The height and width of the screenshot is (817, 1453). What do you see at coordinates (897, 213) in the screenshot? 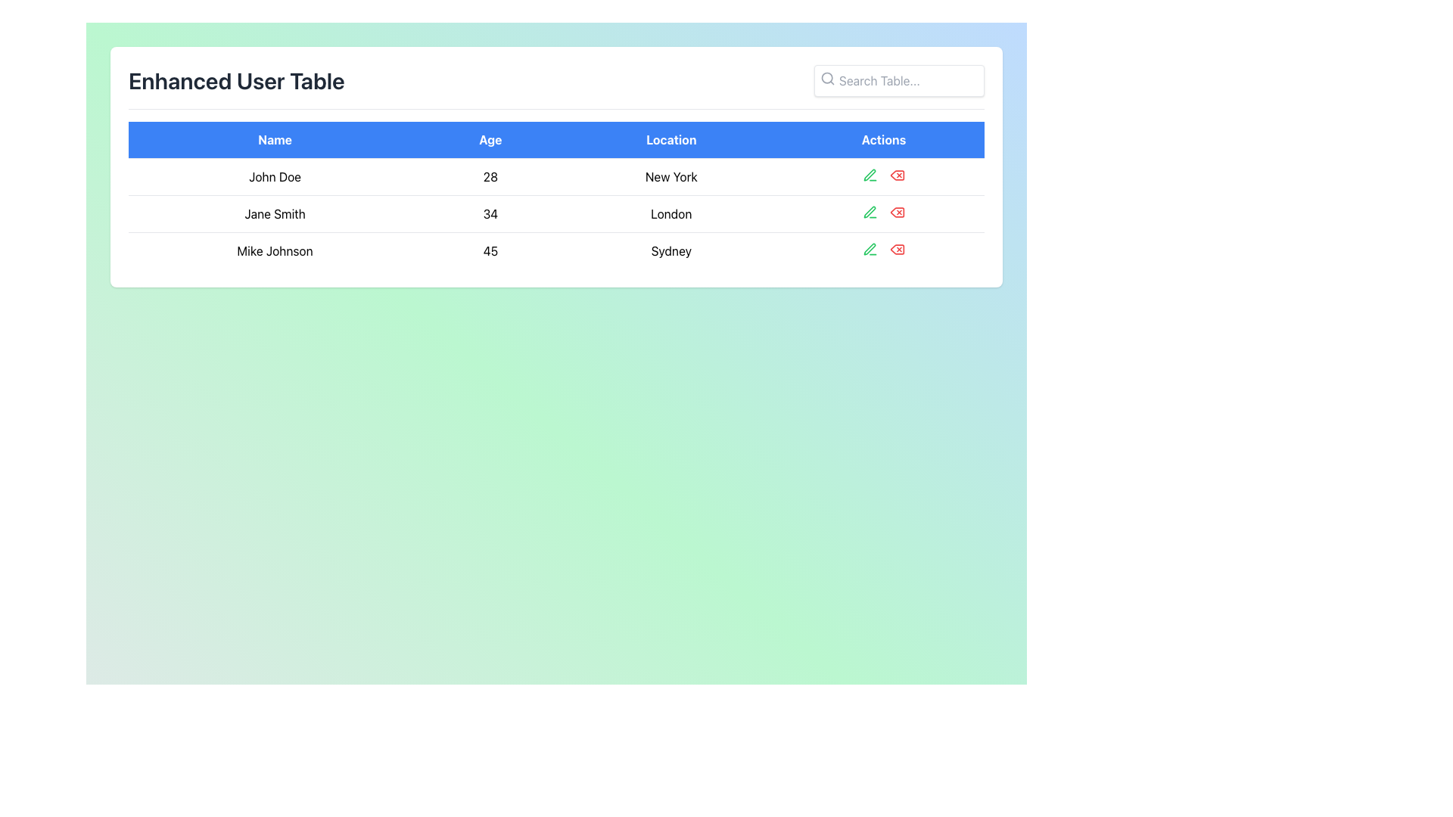
I see `the red trash can icon in the 'Actions' column, located in the same row as 'London'` at bounding box center [897, 213].